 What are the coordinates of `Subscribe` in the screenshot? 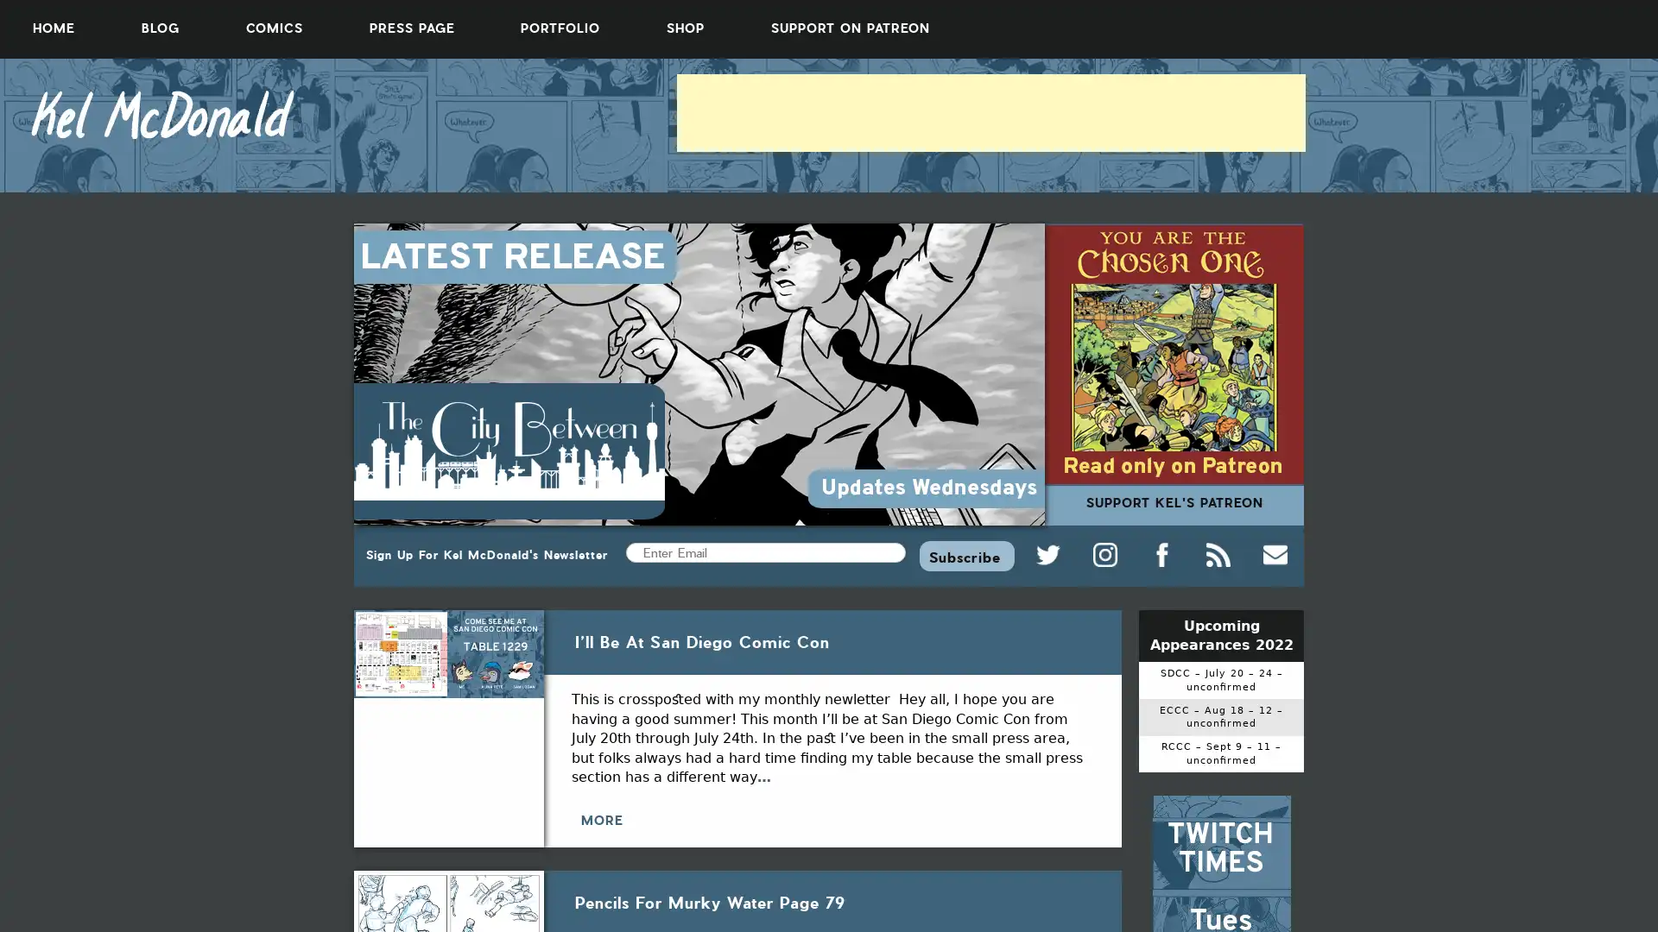 It's located at (965, 555).